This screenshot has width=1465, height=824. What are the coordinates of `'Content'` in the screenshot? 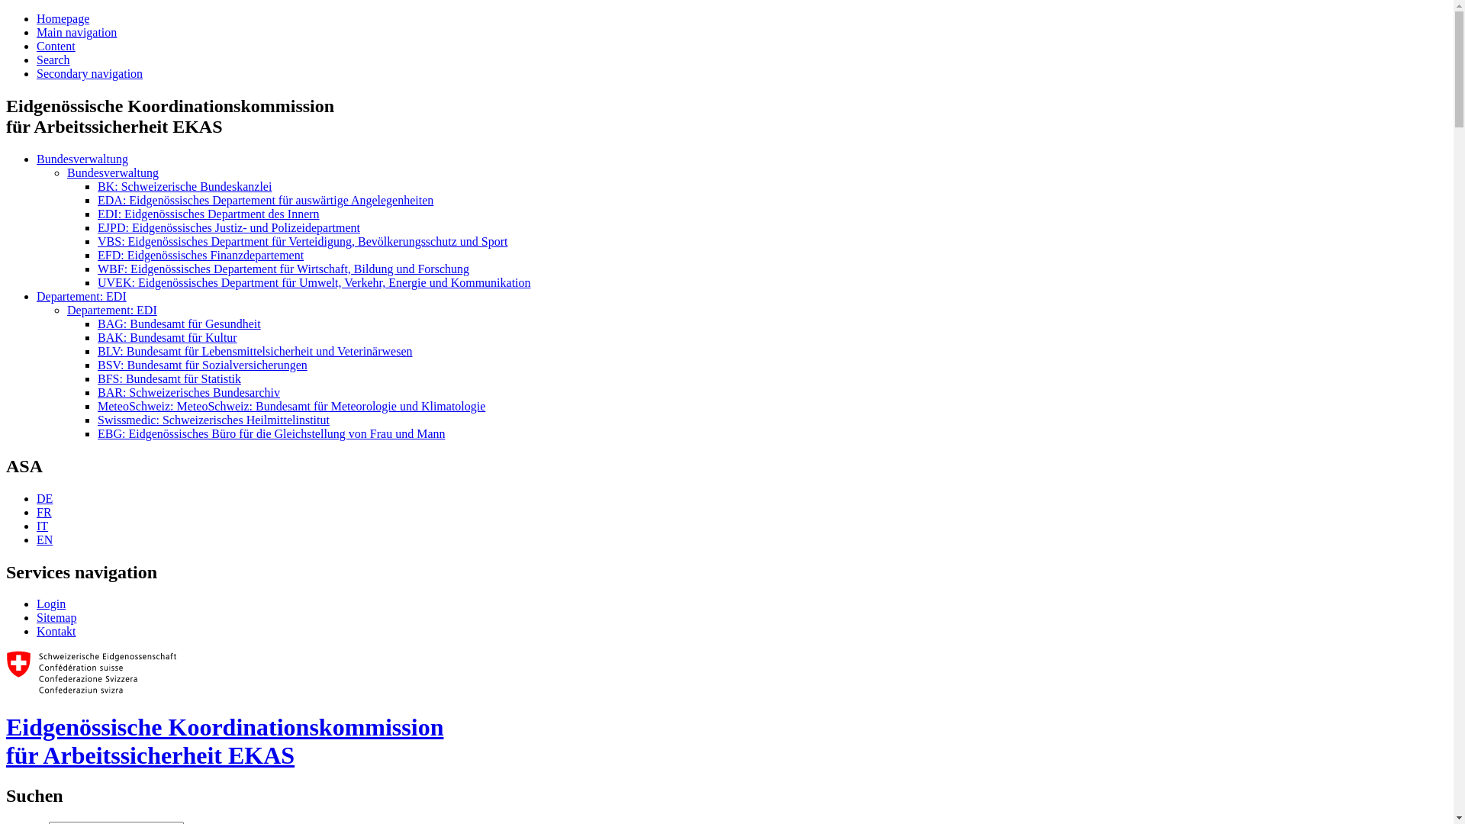 It's located at (56, 45).